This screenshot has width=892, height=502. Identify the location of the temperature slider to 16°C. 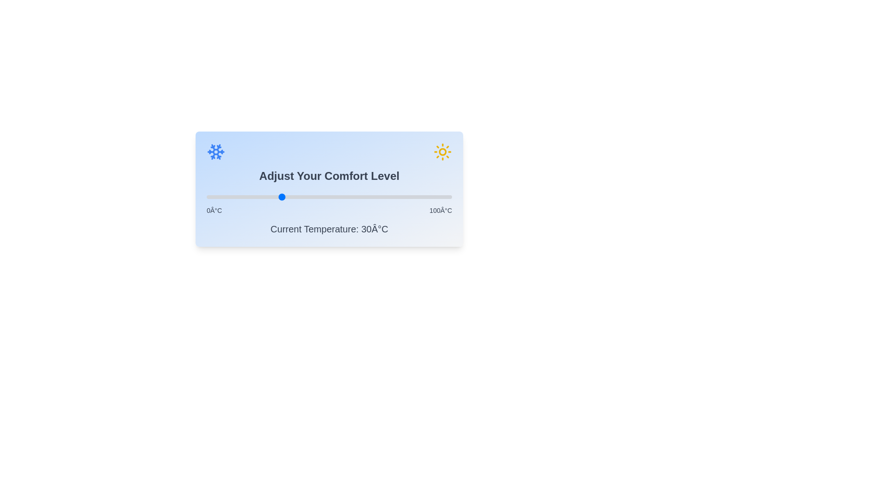
(246, 197).